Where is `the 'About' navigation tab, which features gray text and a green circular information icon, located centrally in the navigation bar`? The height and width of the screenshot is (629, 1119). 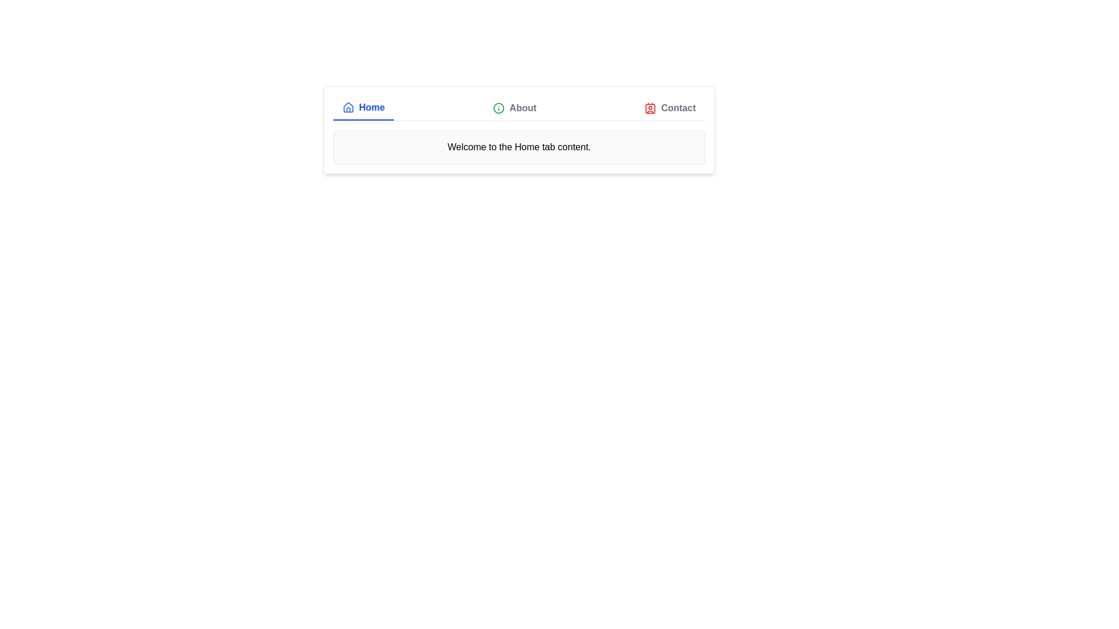 the 'About' navigation tab, which features gray text and a green circular information icon, located centrally in the navigation bar is located at coordinates (514, 108).